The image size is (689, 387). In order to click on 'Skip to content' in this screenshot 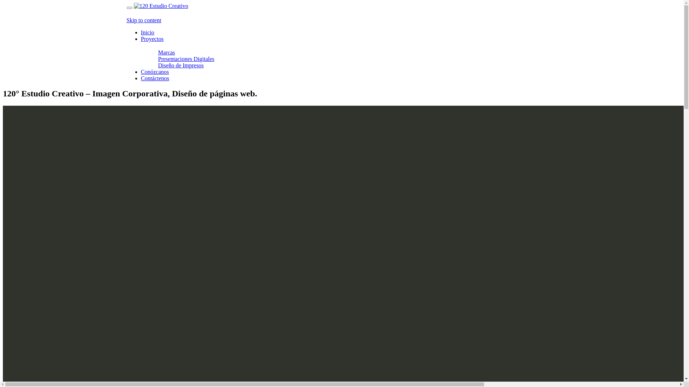, I will do `click(144, 20)`.